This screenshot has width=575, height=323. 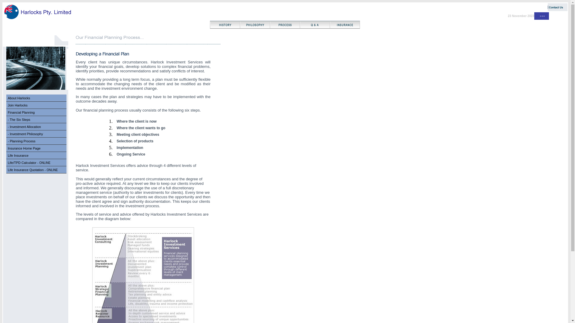 What do you see at coordinates (36, 97) in the screenshot?
I see `'About Harlocks'` at bounding box center [36, 97].